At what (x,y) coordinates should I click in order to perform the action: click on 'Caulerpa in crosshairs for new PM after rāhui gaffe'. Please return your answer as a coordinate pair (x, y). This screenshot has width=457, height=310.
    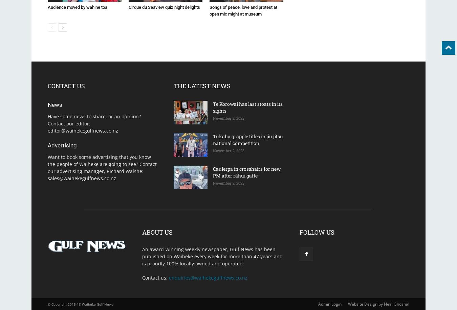
    Looking at the image, I should click on (246, 172).